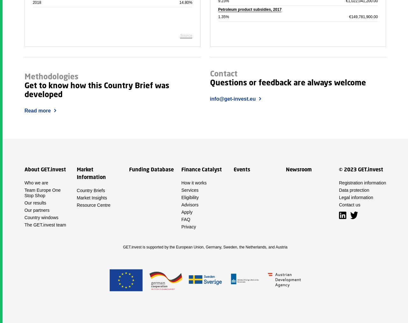 The width and height of the screenshot is (408, 323). I want to click on 'Country Briefs', so click(90, 190).